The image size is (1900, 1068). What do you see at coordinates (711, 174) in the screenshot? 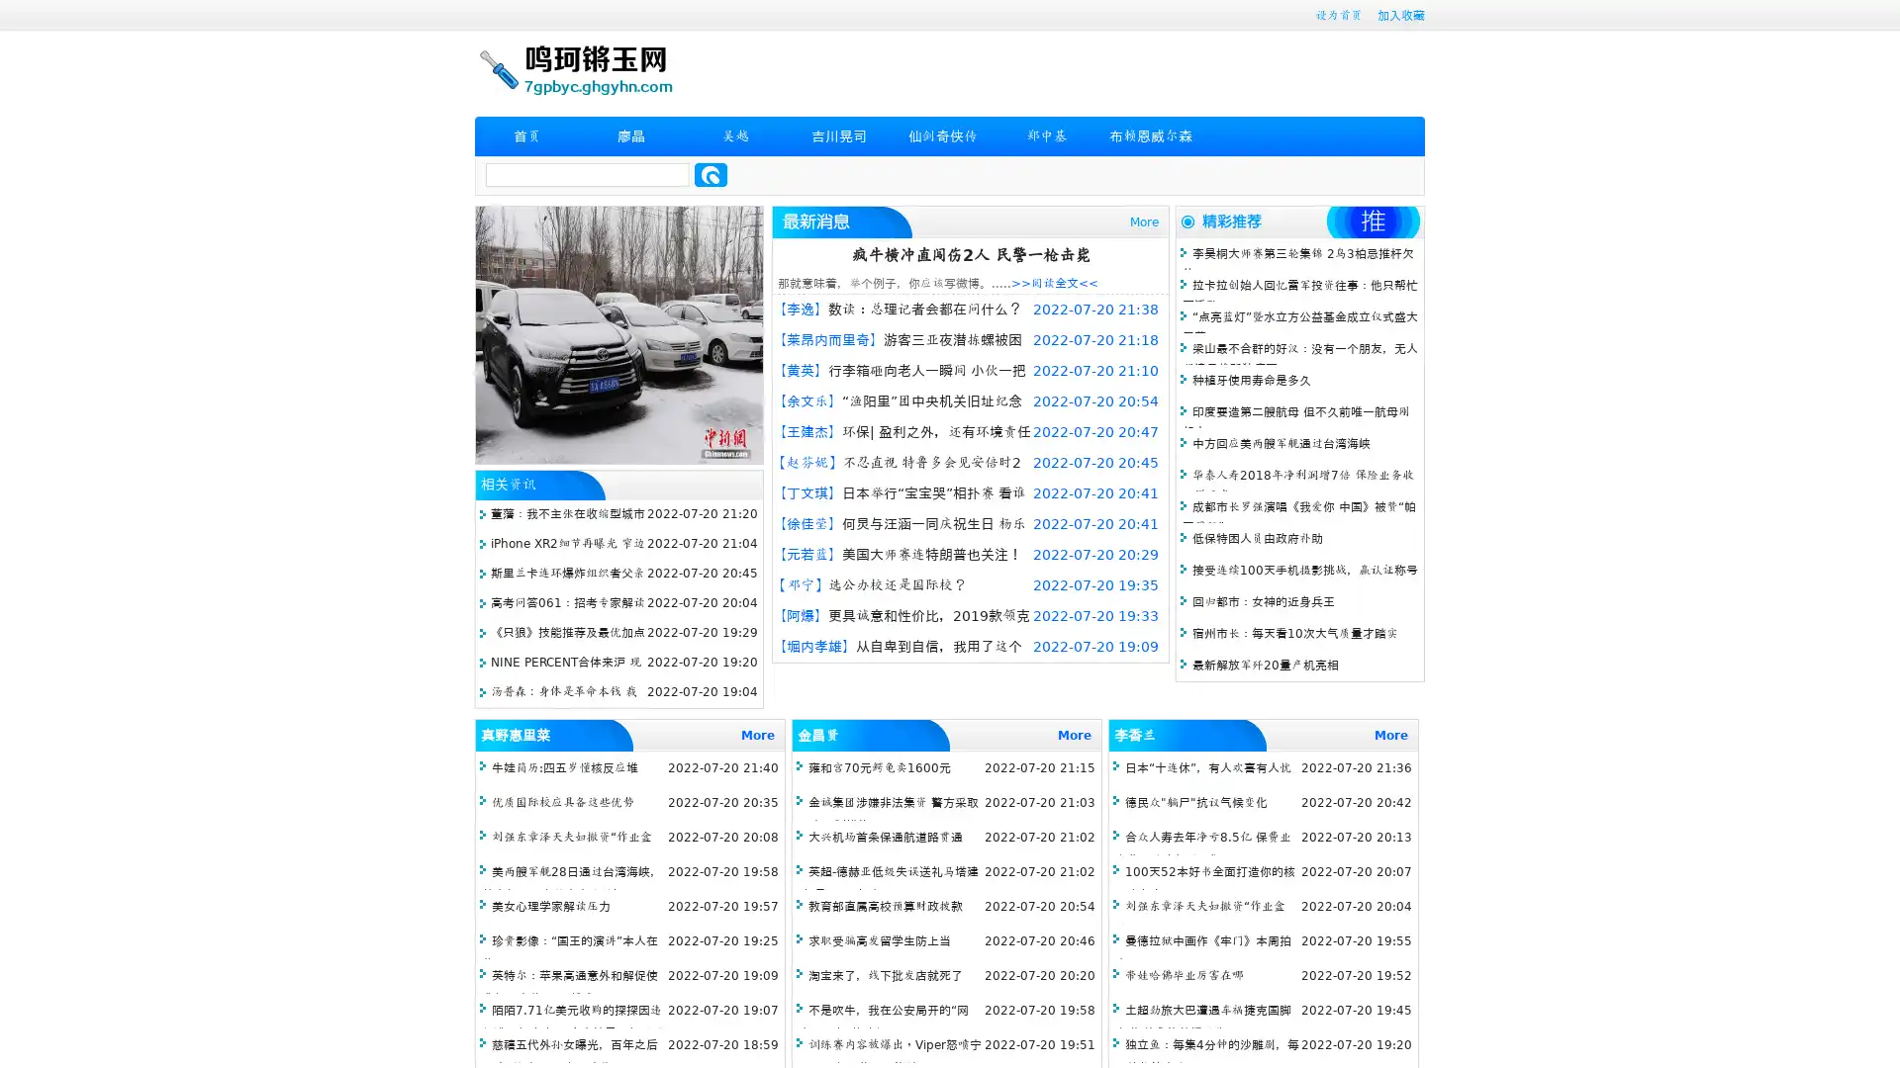
I see `Search` at bounding box center [711, 174].